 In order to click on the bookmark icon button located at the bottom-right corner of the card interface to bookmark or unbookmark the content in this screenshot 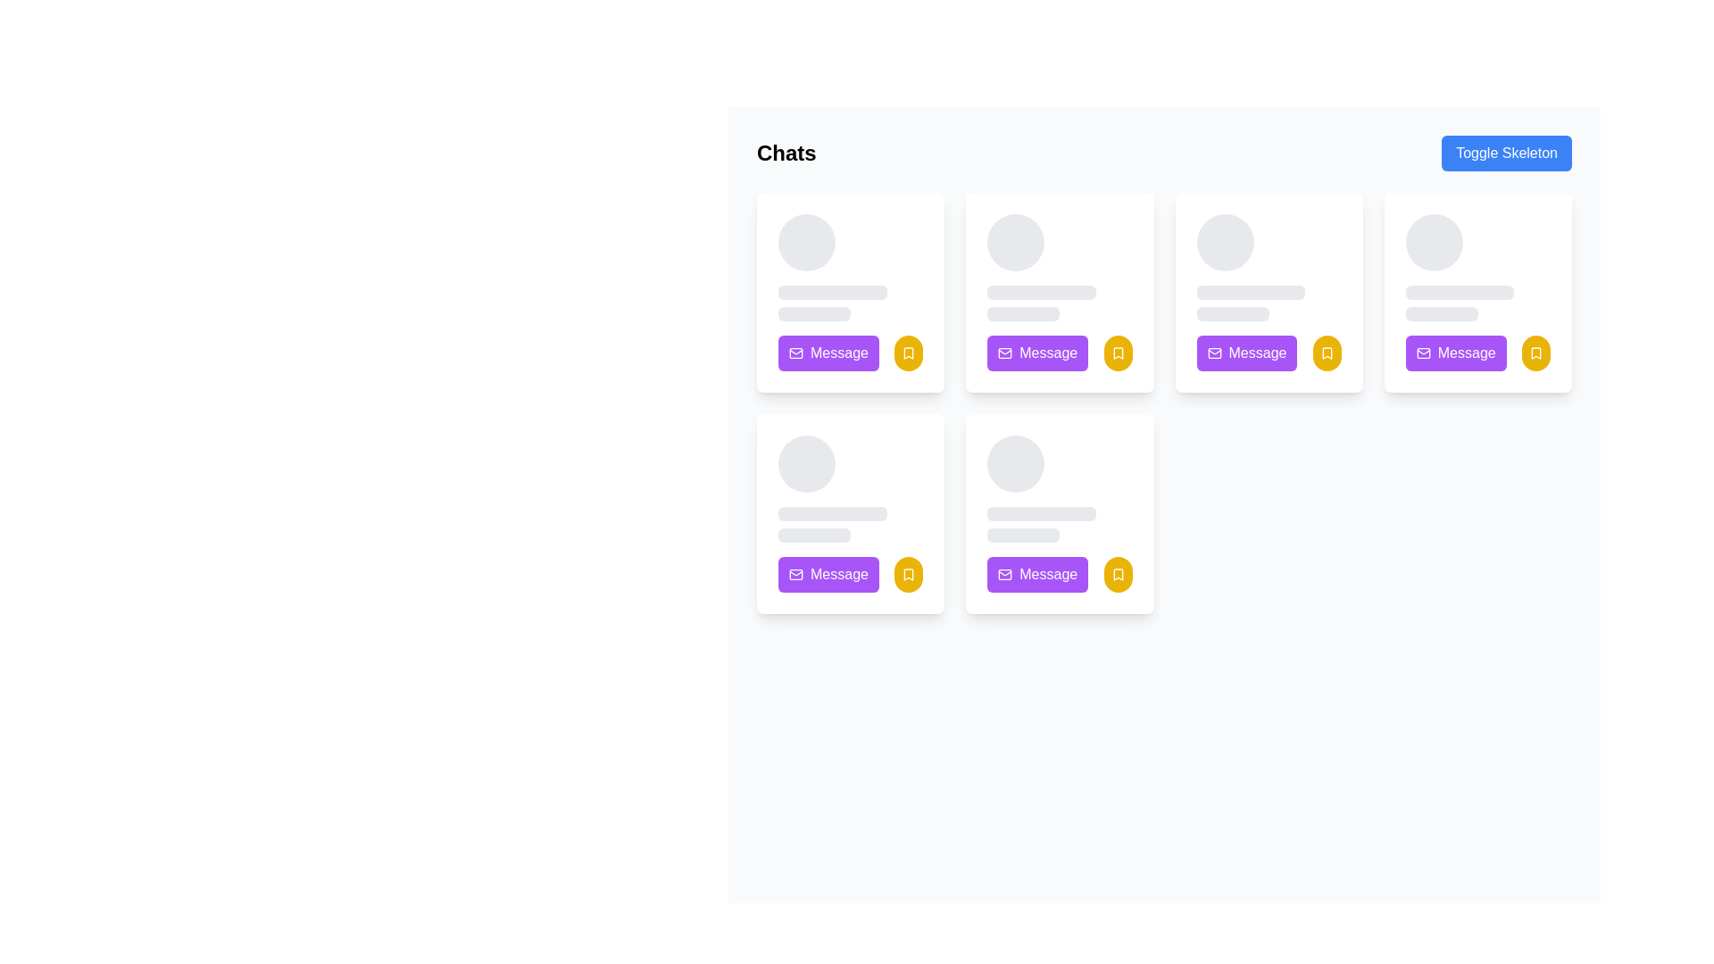, I will do `click(1535, 353)`.